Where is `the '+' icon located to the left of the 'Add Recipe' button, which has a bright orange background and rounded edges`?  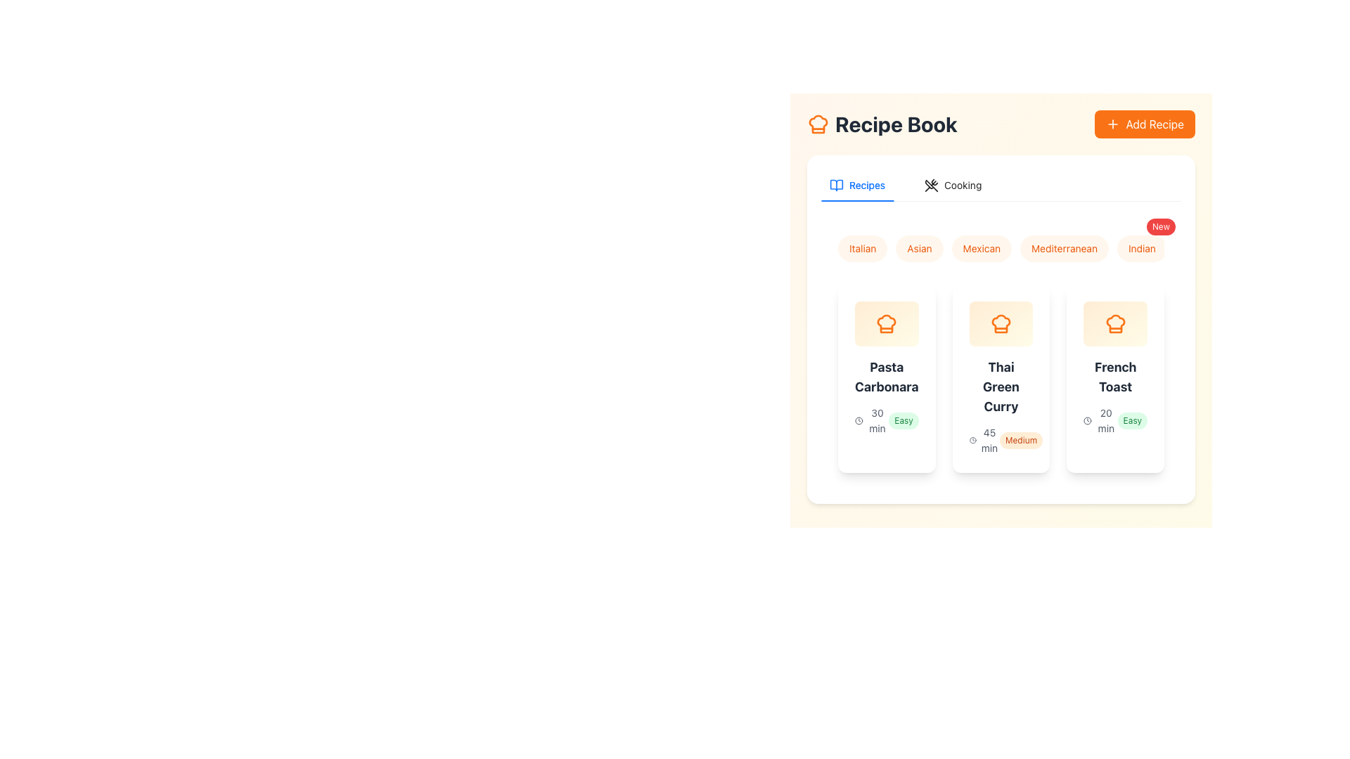 the '+' icon located to the left of the 'Add Recipe' button, which has a bright orange background and rounded edges is located at coordinates (1112, 124).